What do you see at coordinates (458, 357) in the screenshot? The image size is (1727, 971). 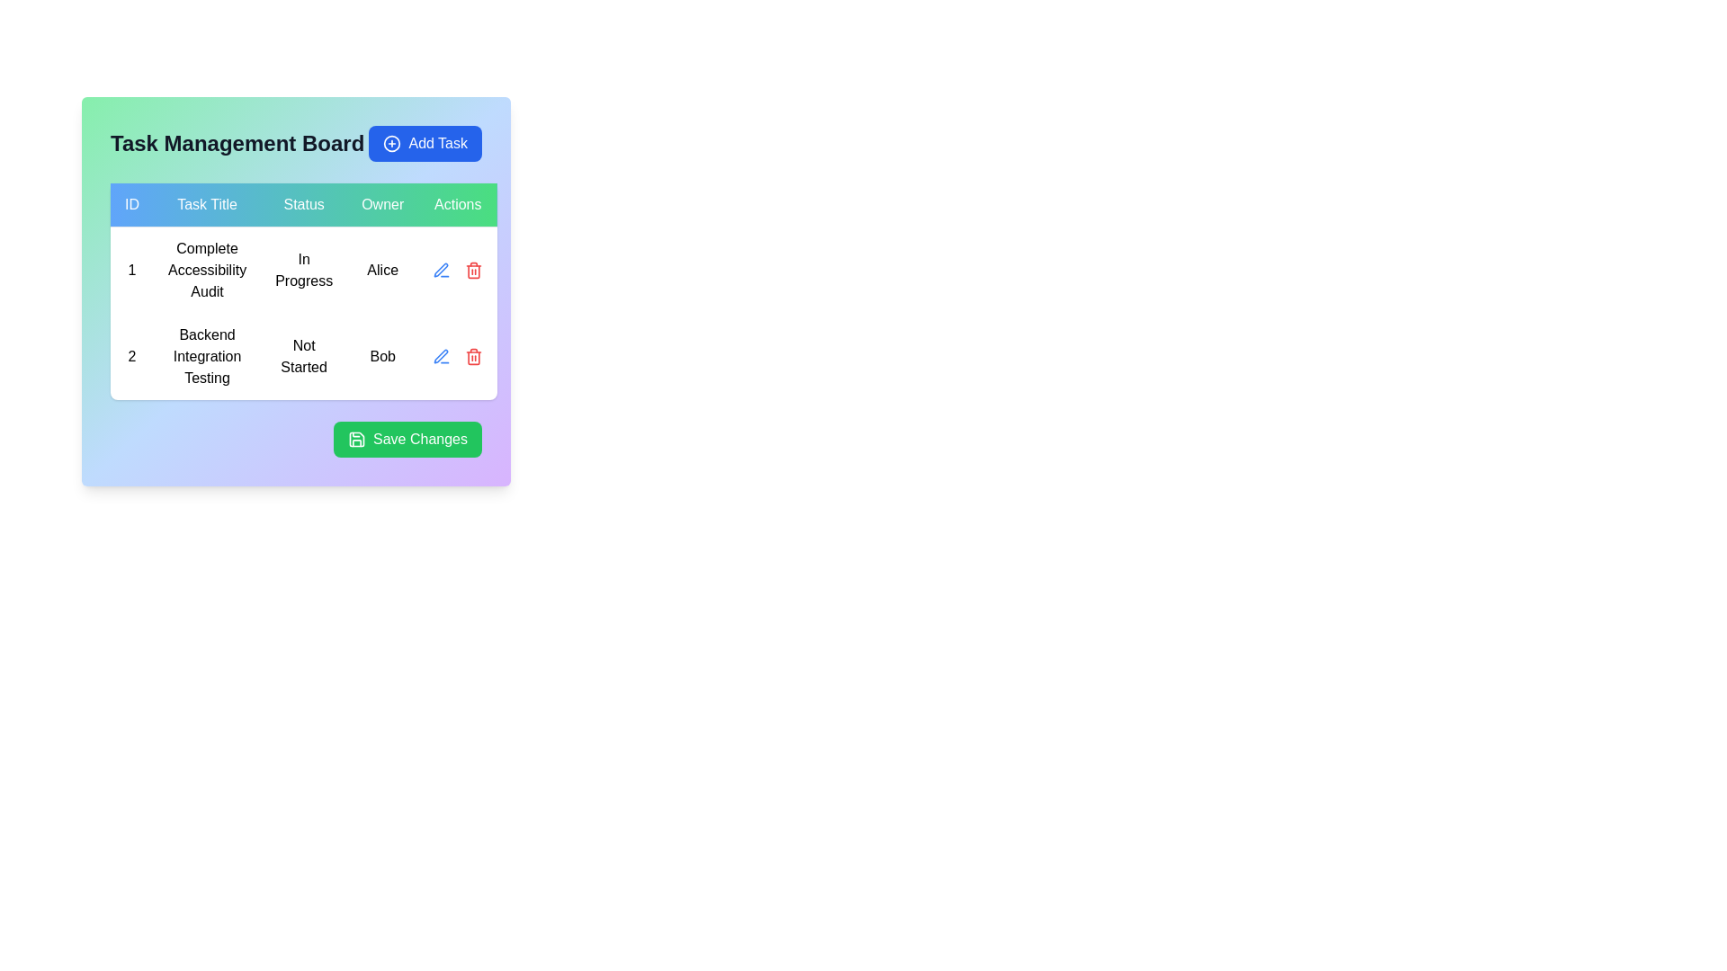 I see `the Icon button located in the last column of the 'Backend Integration Testing' task row` at bounding box center [458, 357].